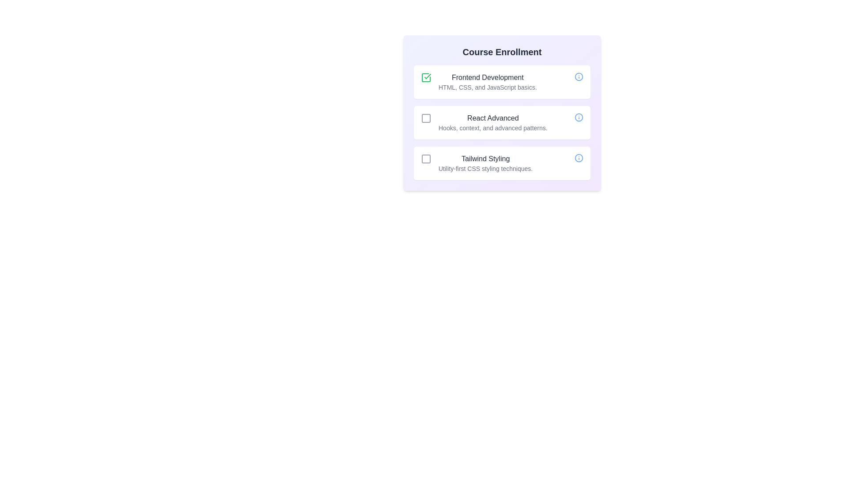  I want to click on the checkbox for the 'Tailwind Styling' course, located in the third card of the stack, so click(426, 158).